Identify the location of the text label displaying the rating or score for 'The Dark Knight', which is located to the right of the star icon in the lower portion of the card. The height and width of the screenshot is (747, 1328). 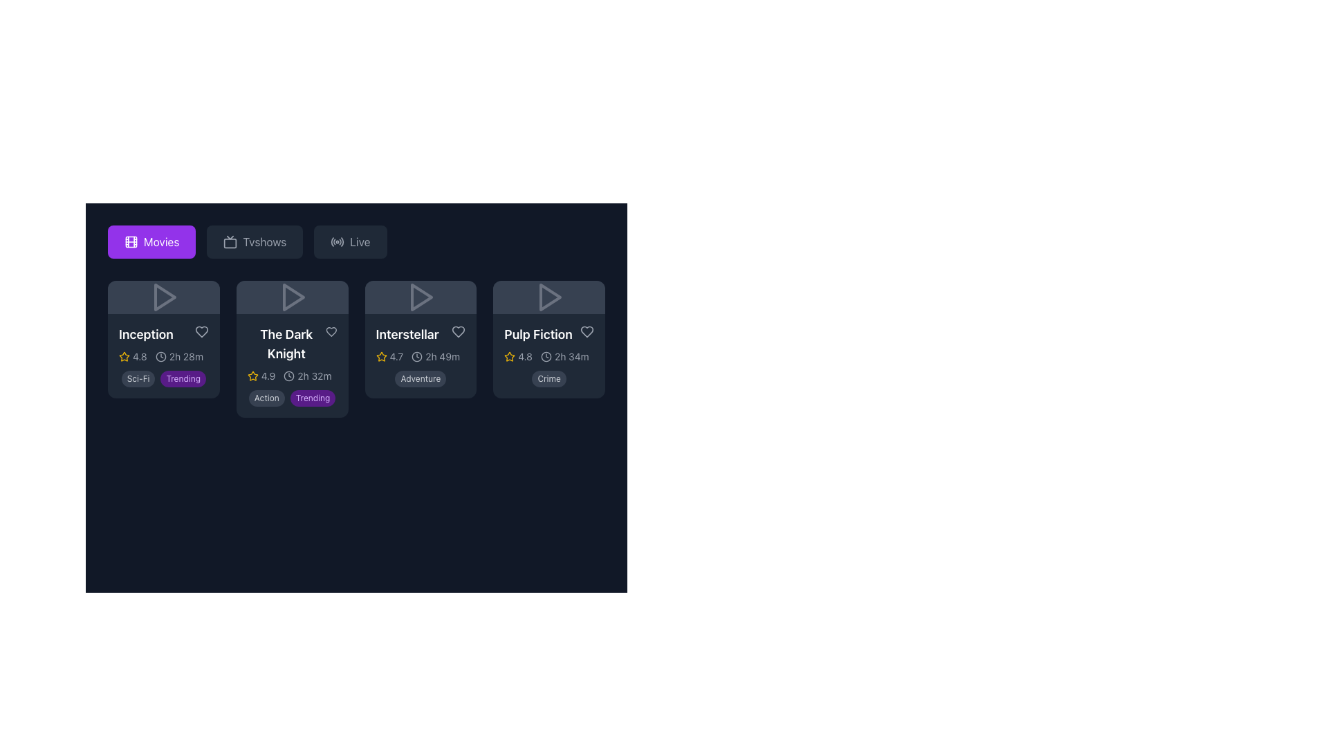
(268, 376).